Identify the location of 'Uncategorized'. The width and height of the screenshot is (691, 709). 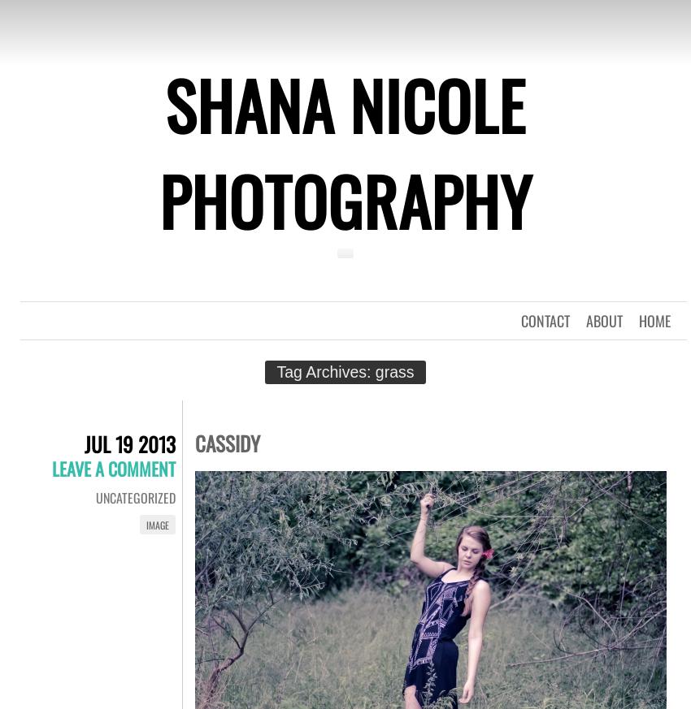
(136, 498).